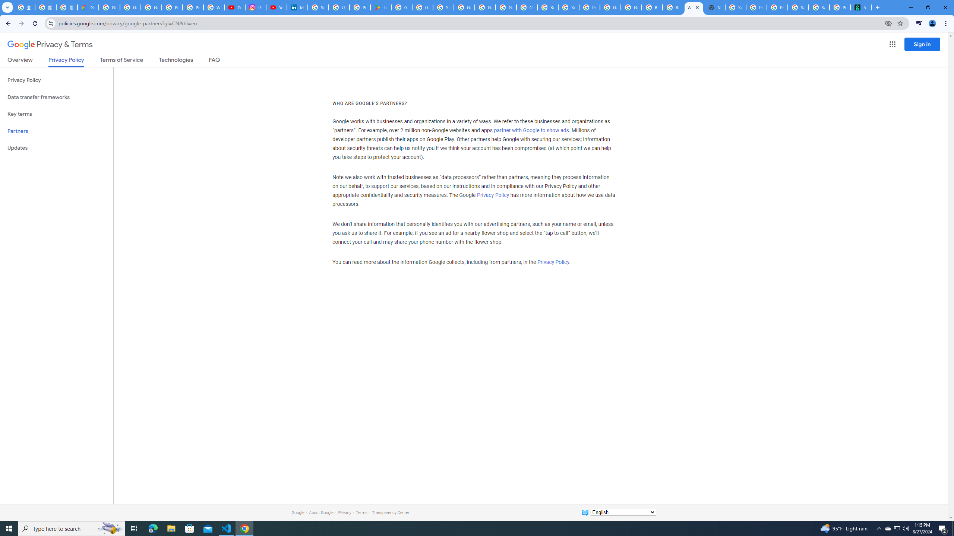 The image size is (954, 536). Describe the element at coordinates (892, 44) in the screenshot. I see `'Google apps'` at that location.